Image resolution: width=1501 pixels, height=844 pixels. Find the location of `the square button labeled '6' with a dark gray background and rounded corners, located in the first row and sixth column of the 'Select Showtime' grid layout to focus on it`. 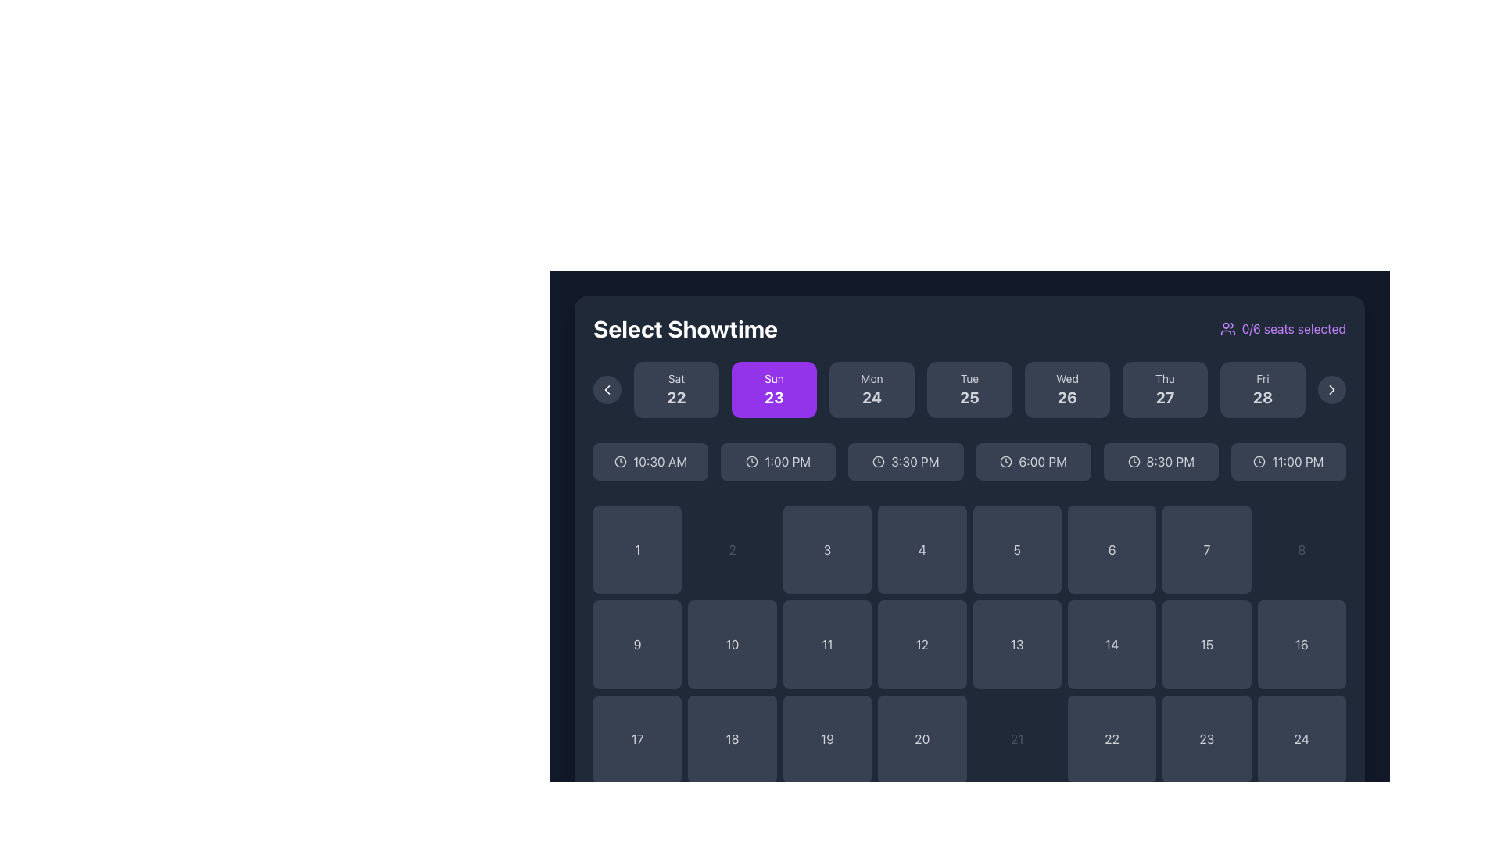

the square button labeled '6' with a dark gray background and rounded corners, located in the first row and sixth column of the 'Select Showtime' grid layout to focus on it is located at coordinates (1111, 549).